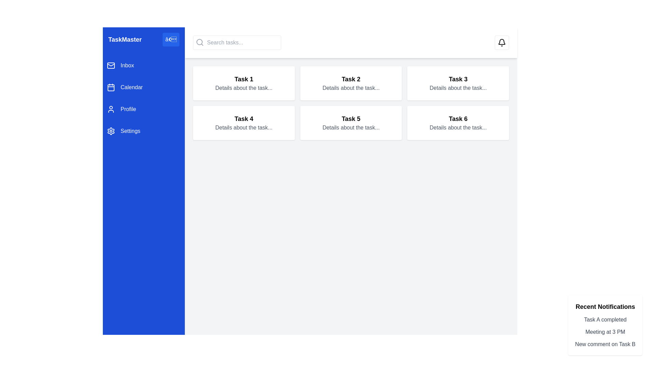 The image size is (656, 369). Describe the element at coordinates (351, 79) in the screenshot. I see `text from the title label located in the second card of the top row in the grid layout, which identifies the task represented by this card` at that location.